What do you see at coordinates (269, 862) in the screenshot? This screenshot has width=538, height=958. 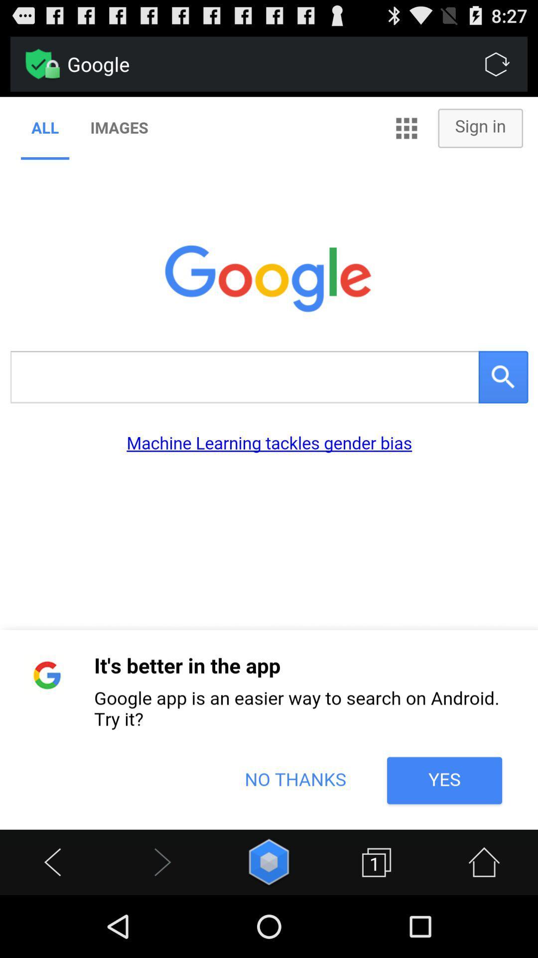 I see `menu` at bounding box center [269, 862].